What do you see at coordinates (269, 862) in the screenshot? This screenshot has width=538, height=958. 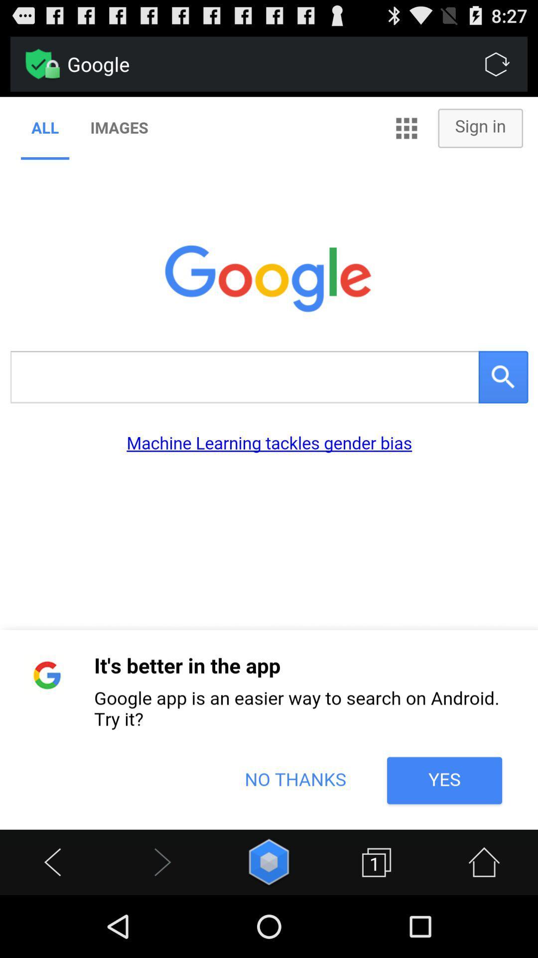 I see `menu` at bounding box center [269, 862].